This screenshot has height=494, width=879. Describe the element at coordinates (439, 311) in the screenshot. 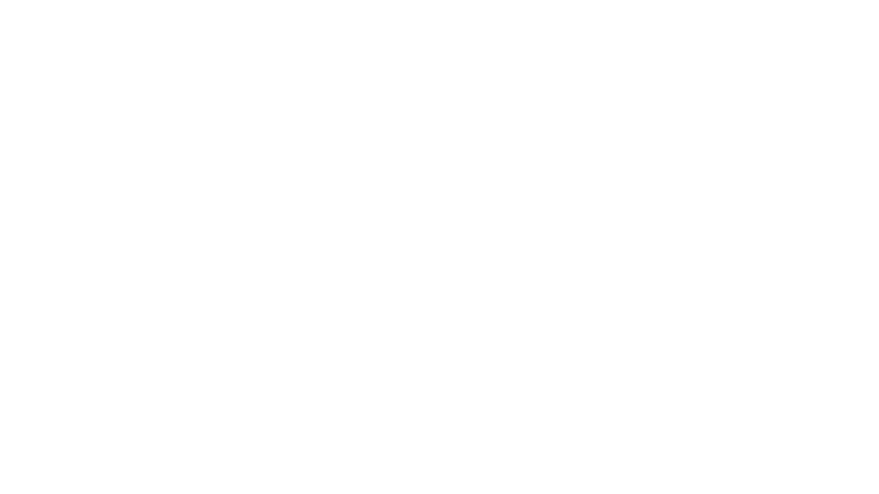

I see `Sign in with GitHub` at that location.